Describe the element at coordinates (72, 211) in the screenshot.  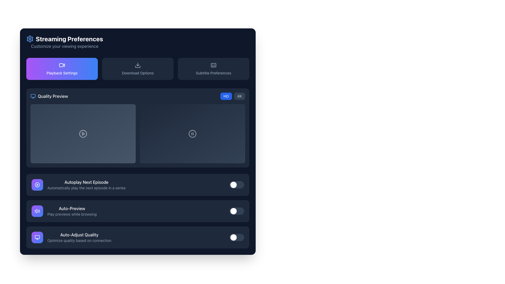
I see `descriptive text element that provides information about a setting related to previews, located between the 'Autoplay Next Episode' and 'Auto-Adjust Quality' settings in the settings menu` at that location.